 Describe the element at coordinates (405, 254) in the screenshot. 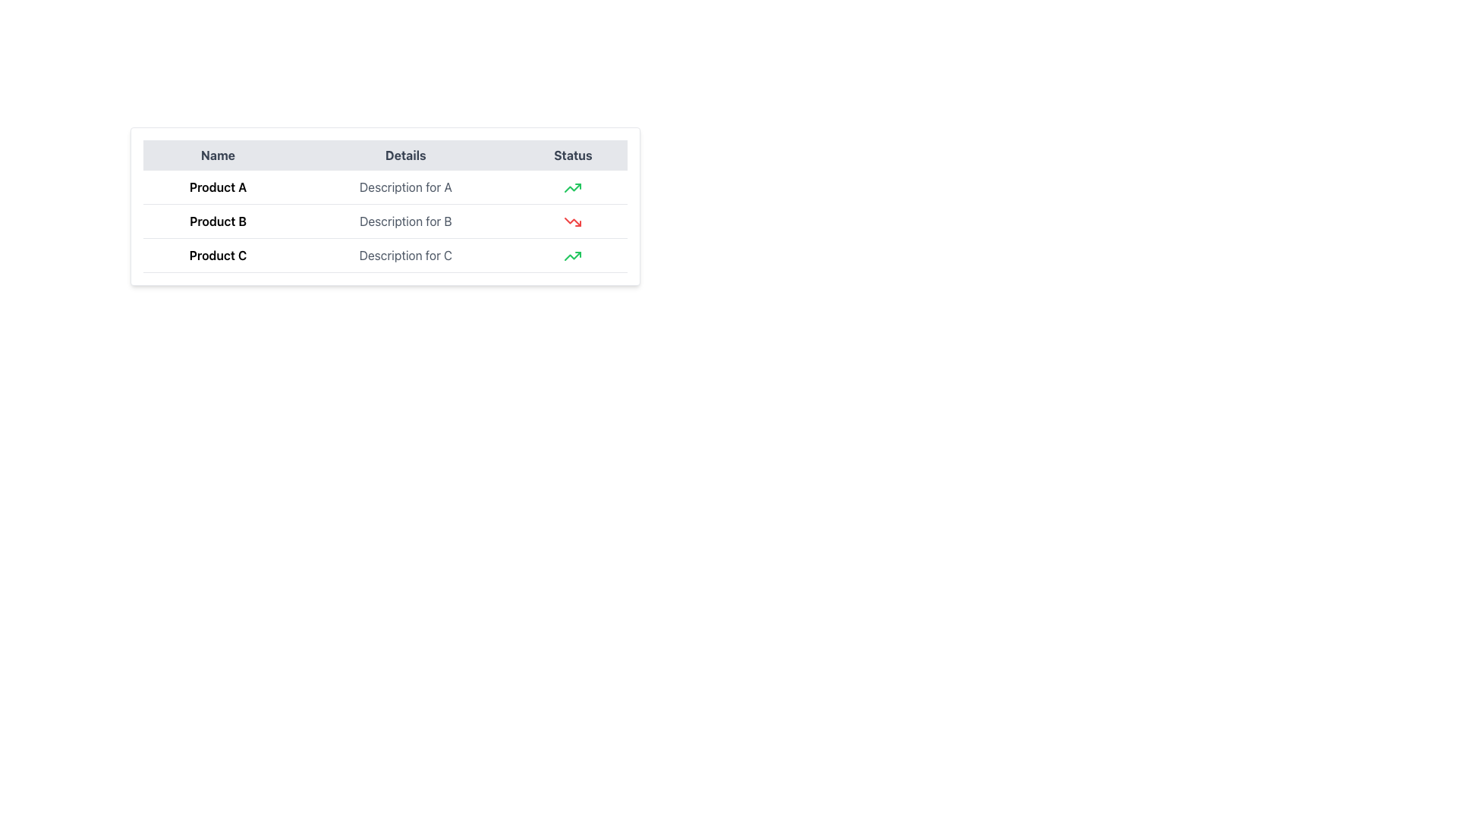

I see `the text label displaying 'Description for C', which is styled in gray and located in the second column of the third row under the header 'Details'` at that location.